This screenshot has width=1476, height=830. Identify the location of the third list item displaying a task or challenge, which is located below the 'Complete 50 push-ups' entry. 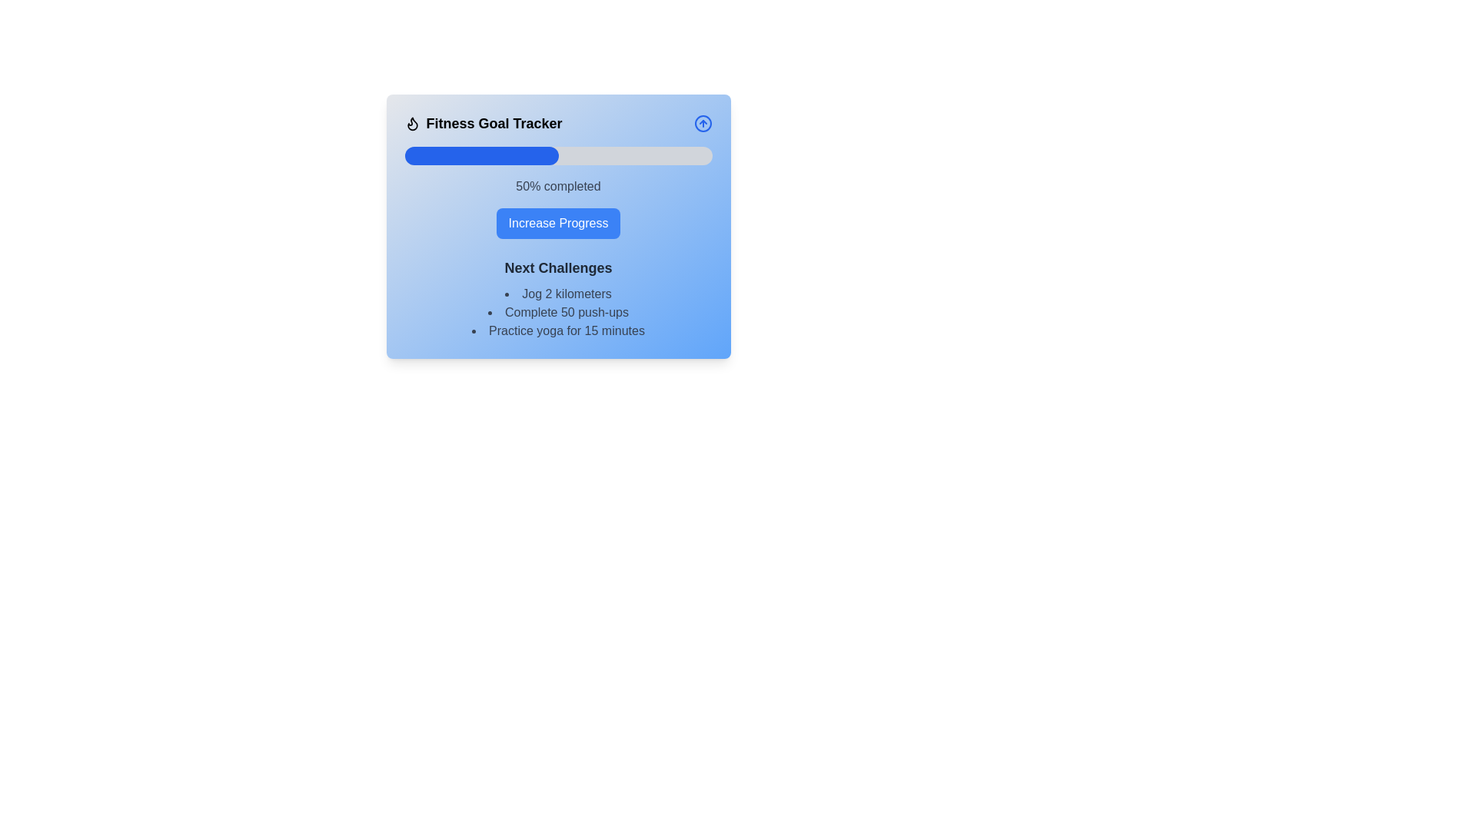
(557, 330).